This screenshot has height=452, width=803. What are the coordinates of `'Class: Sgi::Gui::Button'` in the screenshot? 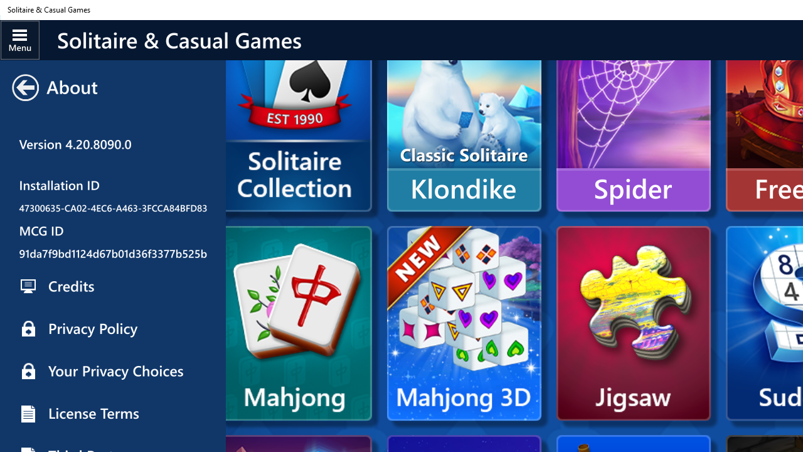 It's located at (25, 87).